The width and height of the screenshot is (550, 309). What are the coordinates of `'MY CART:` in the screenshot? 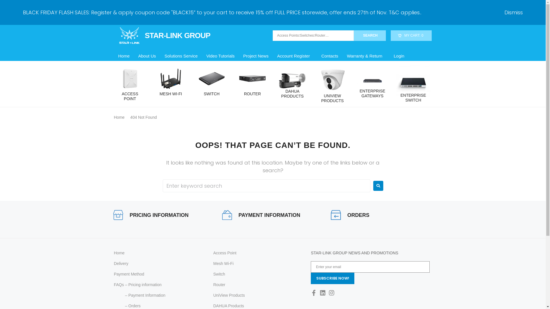 It's located at (390, 35).